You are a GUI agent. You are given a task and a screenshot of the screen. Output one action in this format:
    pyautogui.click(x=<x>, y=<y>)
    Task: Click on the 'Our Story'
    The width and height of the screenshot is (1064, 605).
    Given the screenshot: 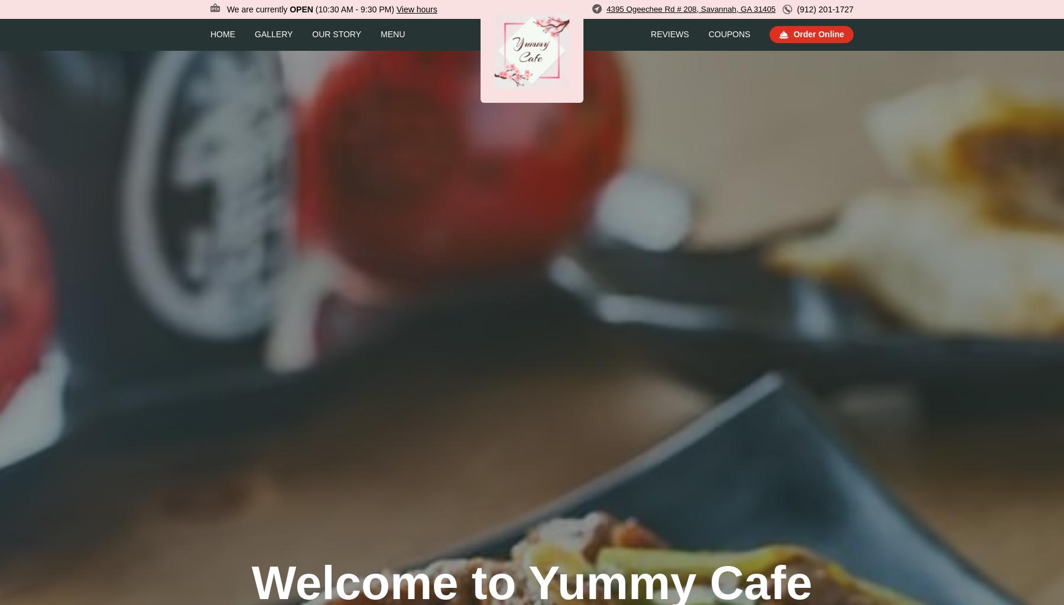 What is the action you would take?
    pyautogui.click(x=336, y=33)
    